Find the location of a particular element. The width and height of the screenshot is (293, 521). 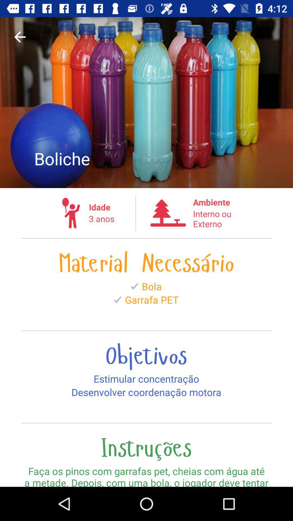

icon at the top left corner is located at coordinates (20, 37).